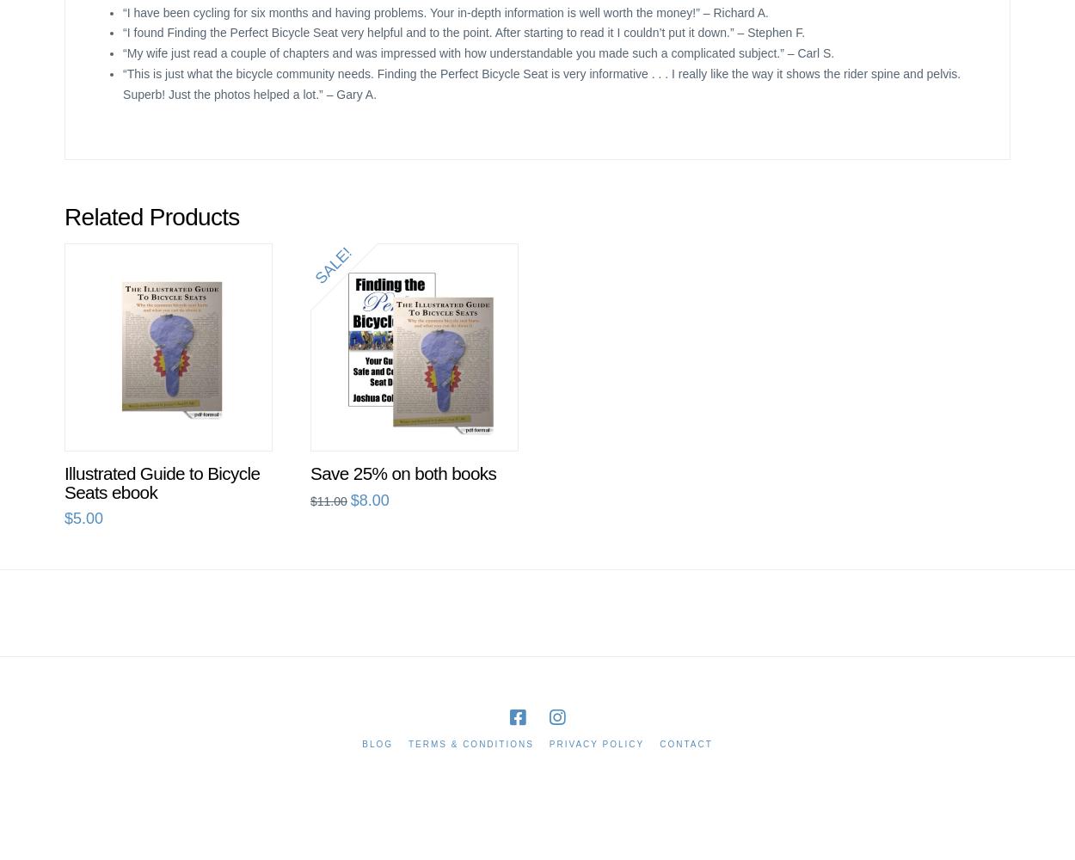 The image size is (1075, 860). What do you see at coordinates (470, 743) in the screenshot?
I see `'Terms & Conditions'` at bounding box center [470, 743].